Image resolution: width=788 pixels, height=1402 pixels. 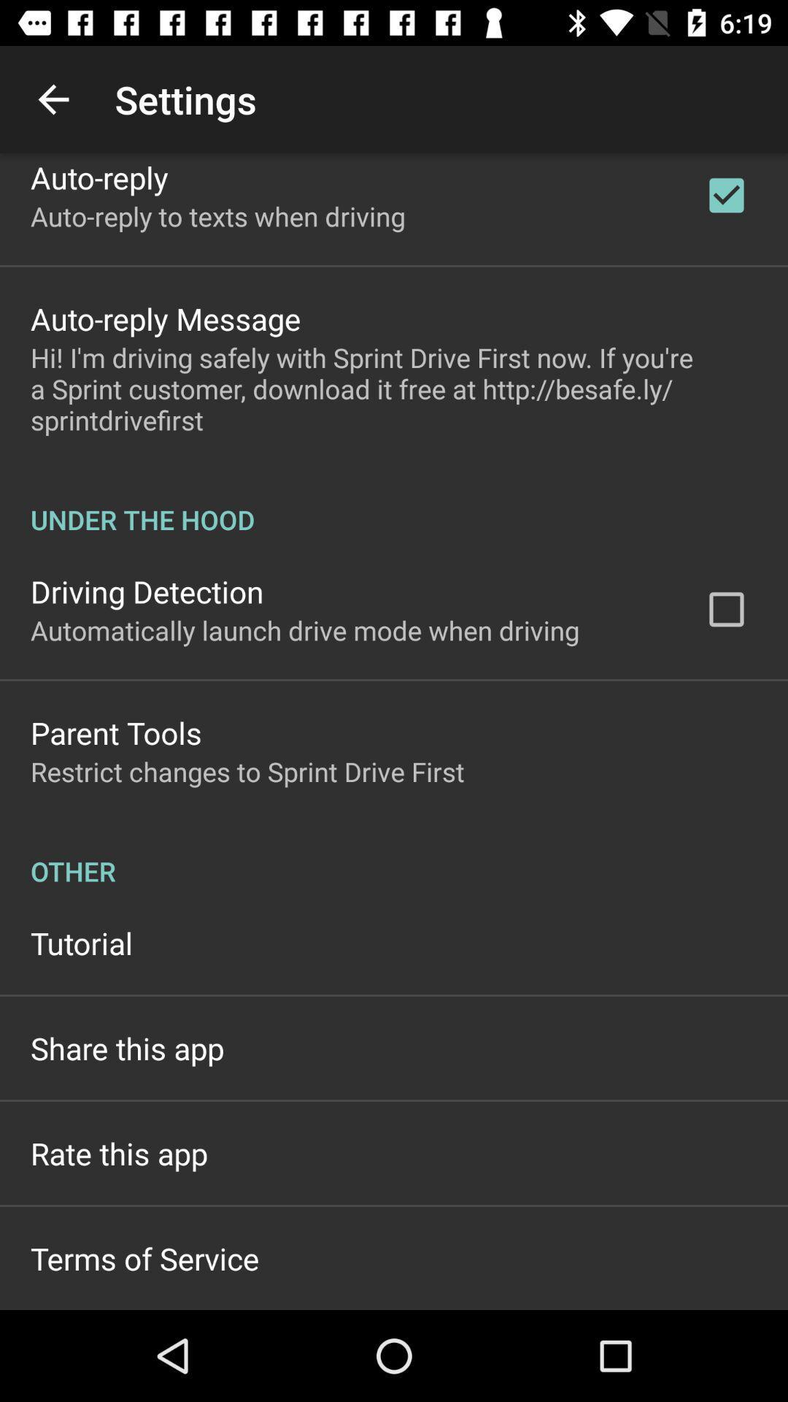 I want to click on automatically launch drive item, so click(x=304, y=630).